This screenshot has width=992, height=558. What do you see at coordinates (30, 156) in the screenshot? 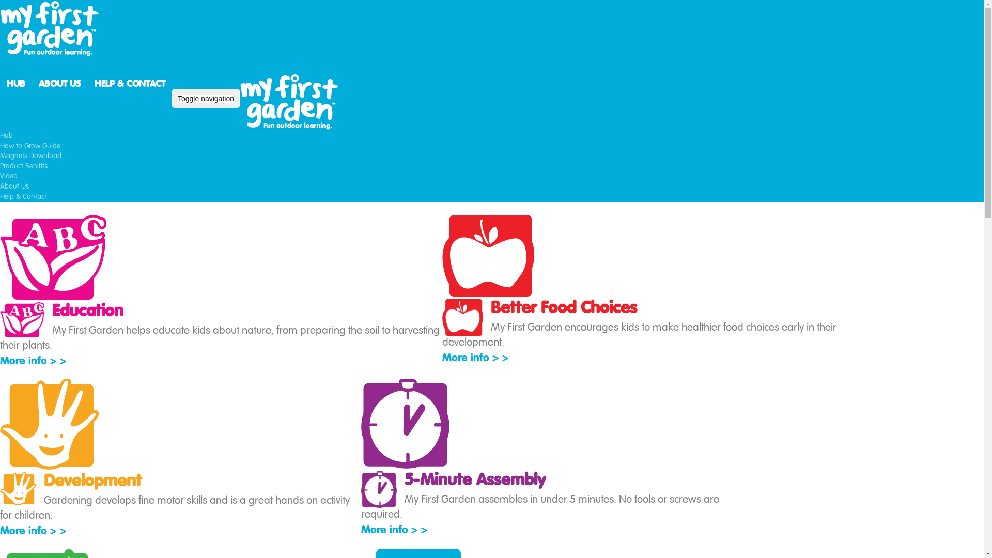
I see `'Magnets Download'` at bounding box center [30, 156].